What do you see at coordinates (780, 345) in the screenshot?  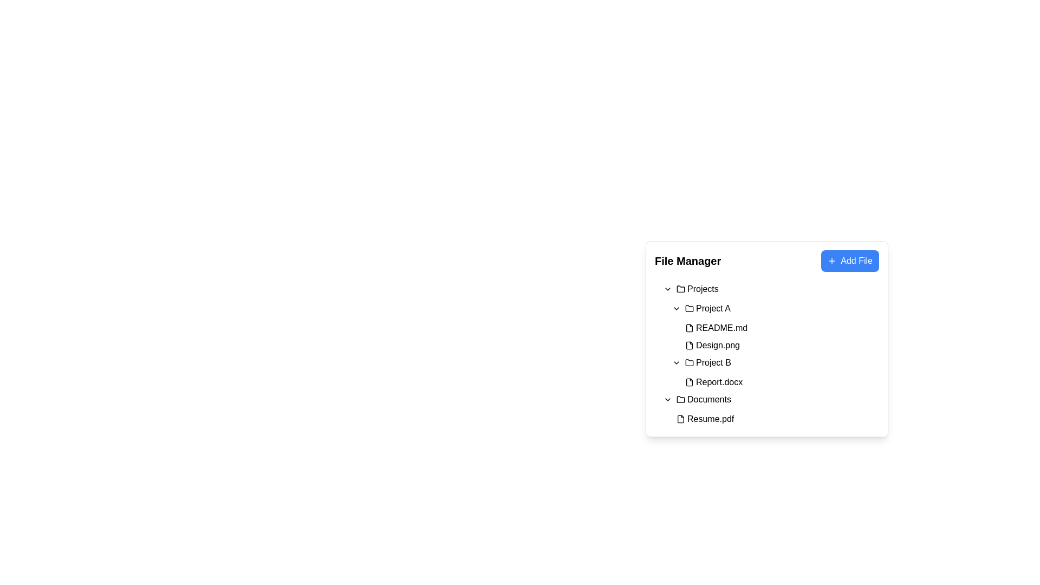 I see `the file item named 'Design.png'` at bounding box center [780, 345].